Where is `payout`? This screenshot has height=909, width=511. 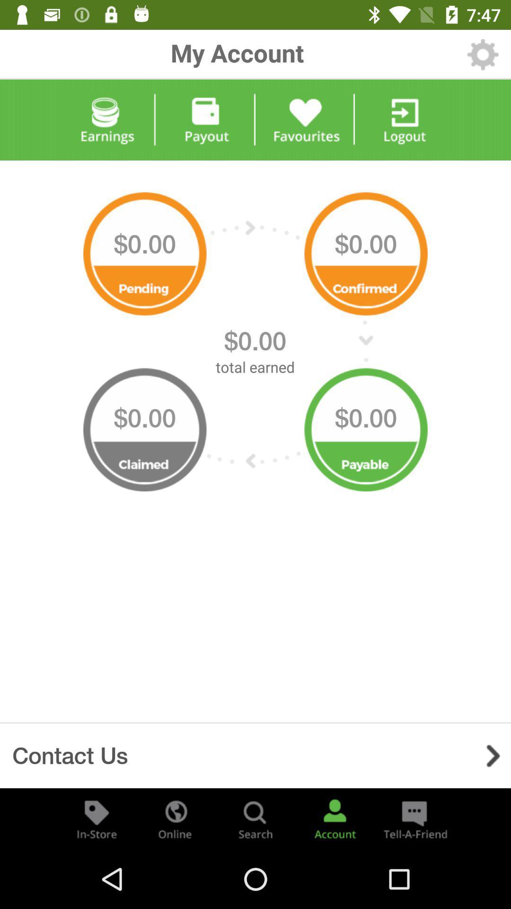
payout is located at coordinates (205, 119).